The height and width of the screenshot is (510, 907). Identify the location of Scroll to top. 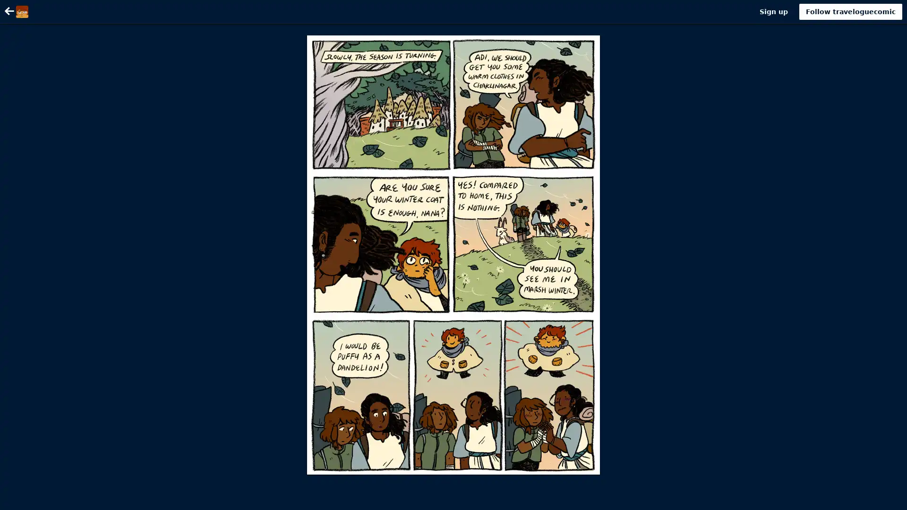
(888, 499).